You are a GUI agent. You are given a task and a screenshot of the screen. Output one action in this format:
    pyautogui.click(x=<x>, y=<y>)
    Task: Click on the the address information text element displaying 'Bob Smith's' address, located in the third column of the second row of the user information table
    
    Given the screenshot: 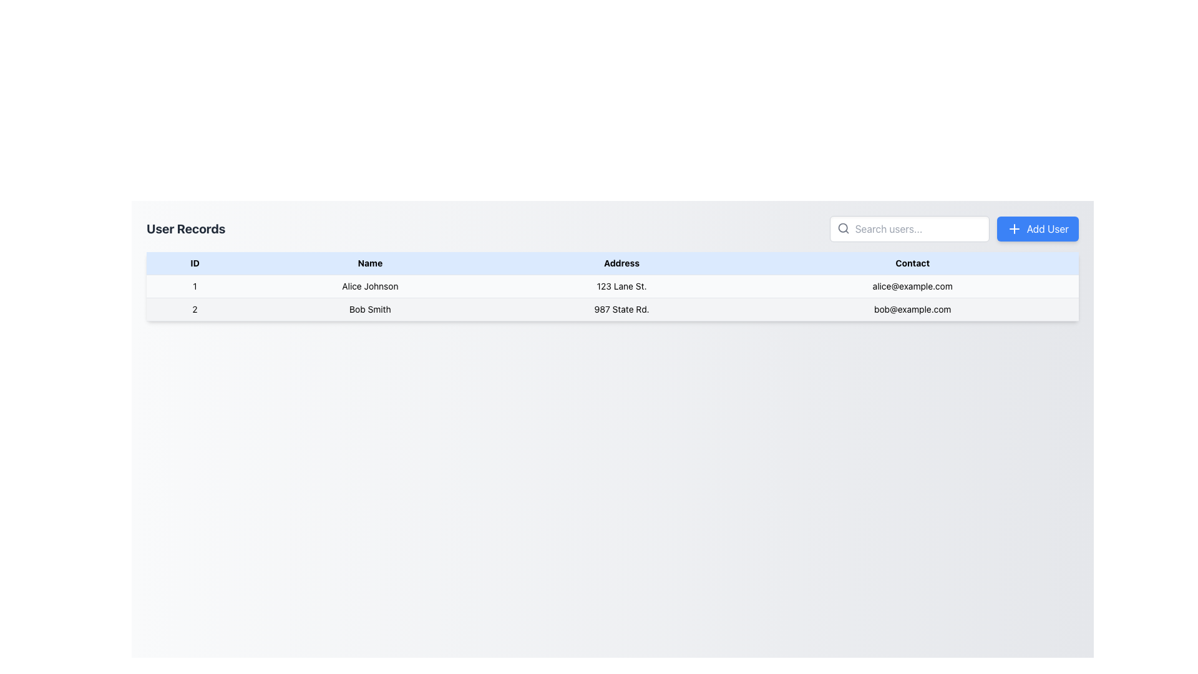 What is the action you would take?
    pyautogui.click(x=621, y=309)
    